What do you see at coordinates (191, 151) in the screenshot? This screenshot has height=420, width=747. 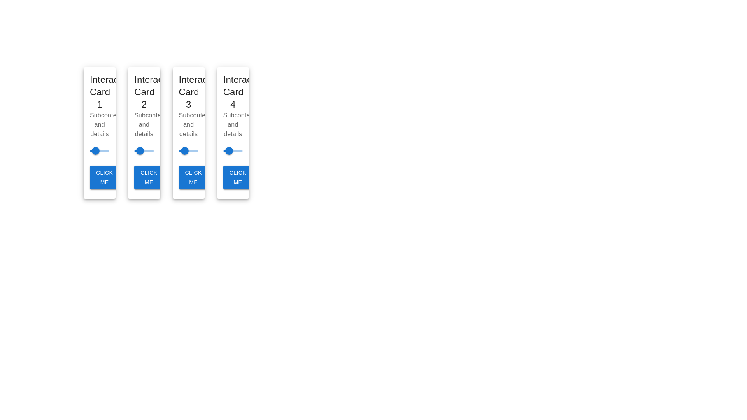 I see `the slider's value` at bounding box center [191, 151].